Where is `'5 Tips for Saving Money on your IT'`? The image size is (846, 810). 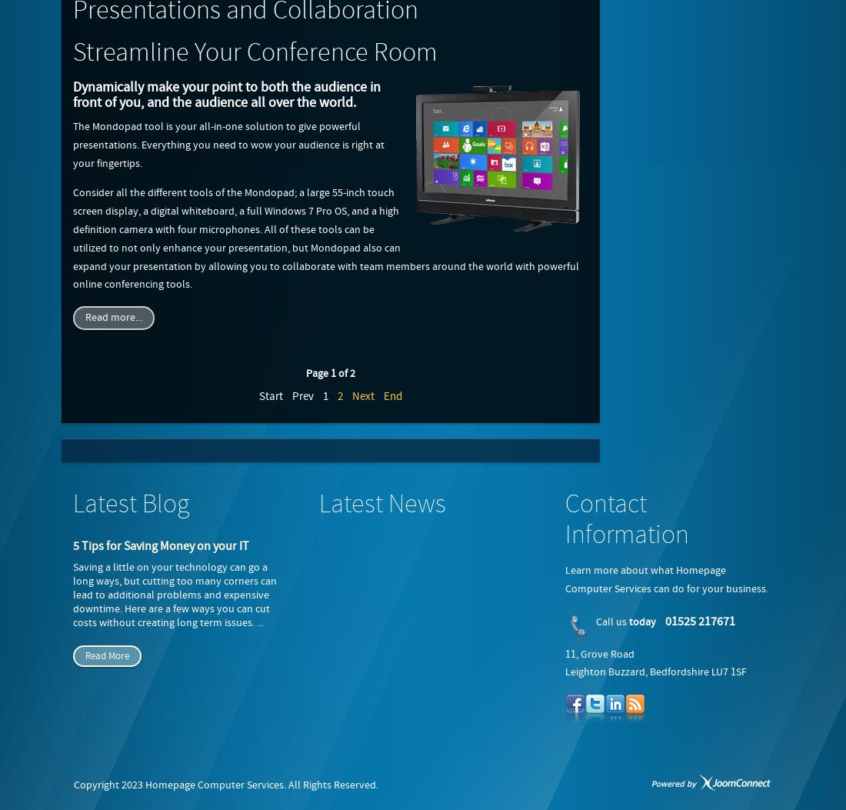 '5 Tips for Saving Money on your IT' is located at coordinates (161, 546).